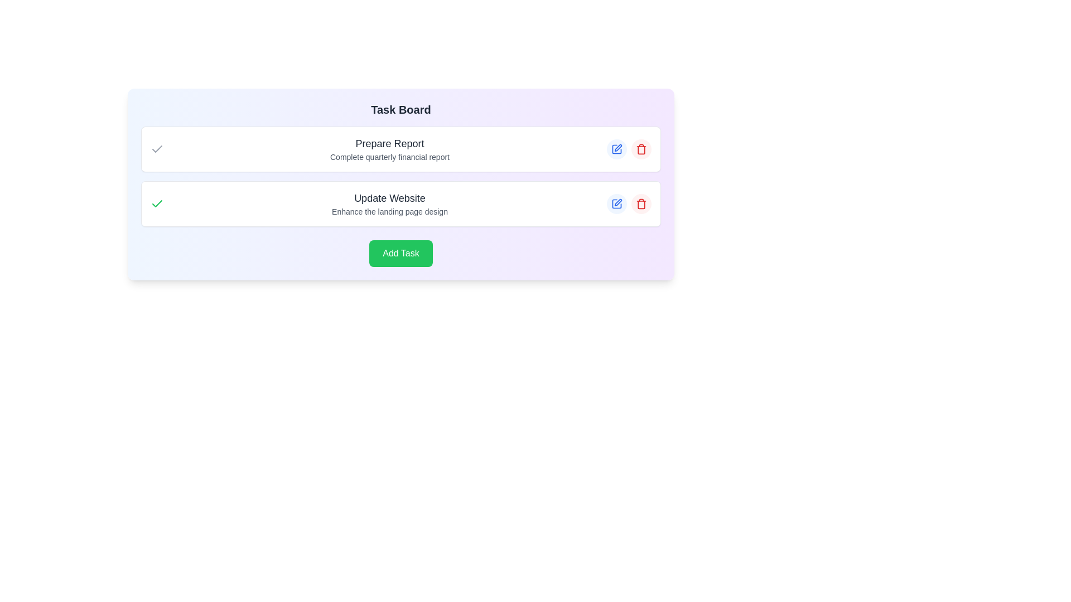 Image resolution: width=1071 pixels, height=602 pixels. I want to click on the second card in the vertical list within the 'Task Board', so click(401, 204).